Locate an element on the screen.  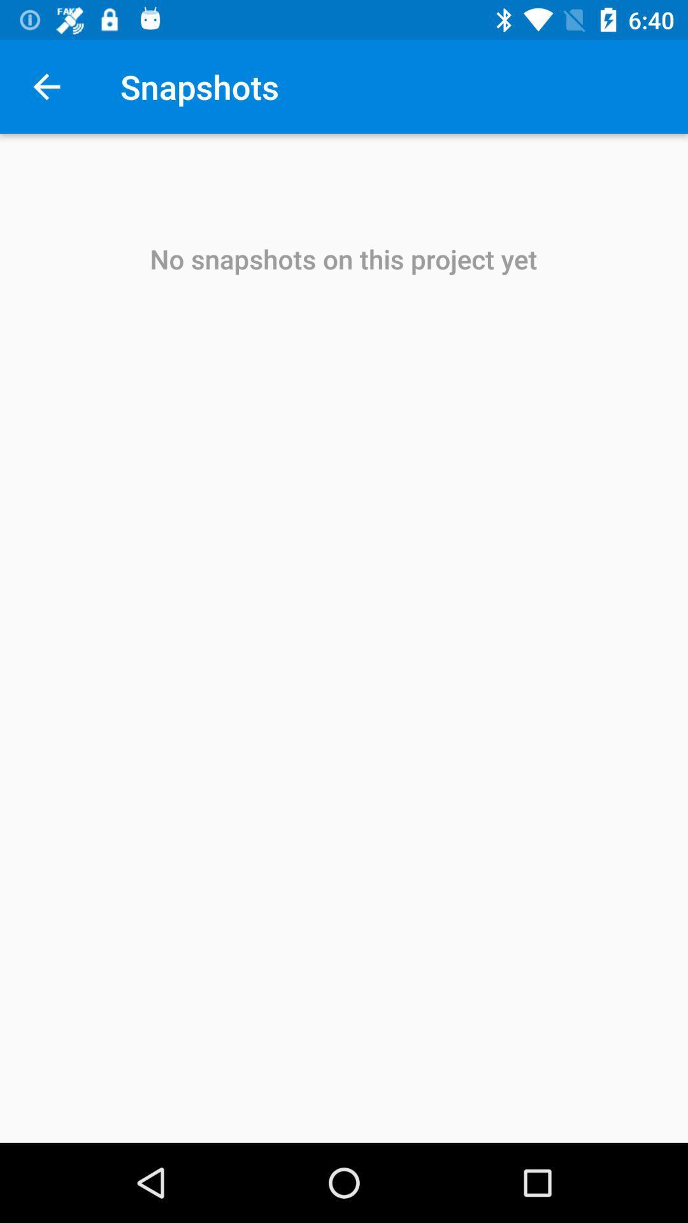
the item to the left of the snapshots icon is located at coordinates (46, 86).